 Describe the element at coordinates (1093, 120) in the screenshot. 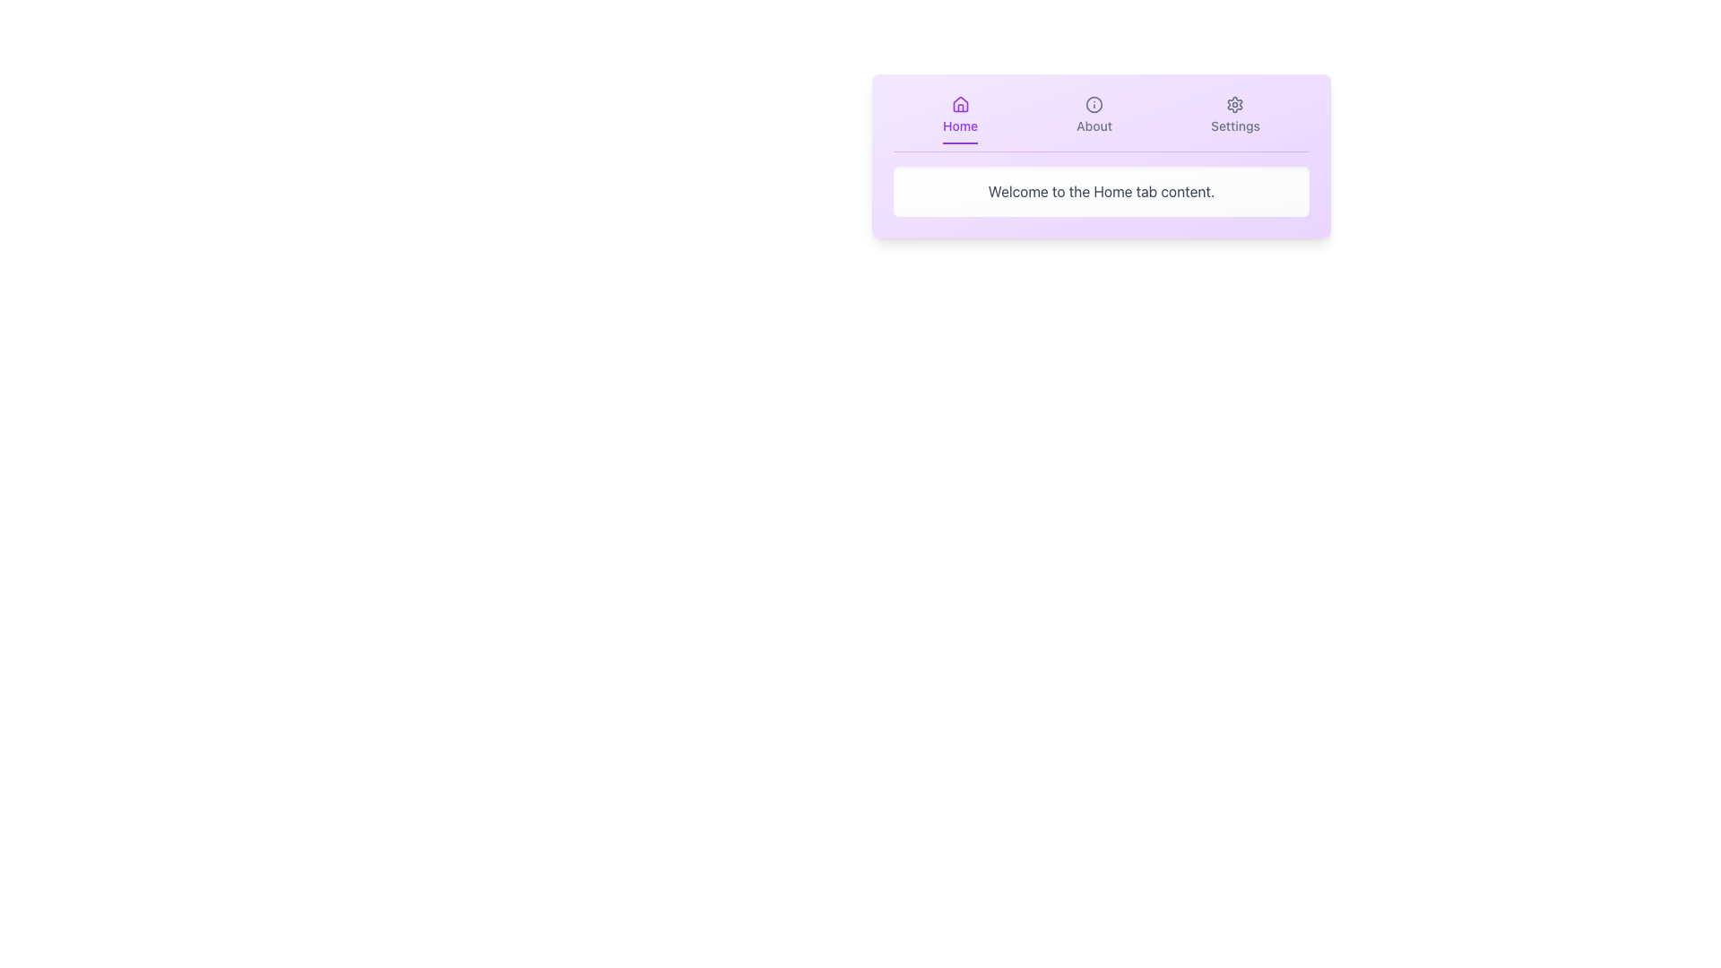

I see `the 'About' button, which features a gray information icon above a purple label` at that location.